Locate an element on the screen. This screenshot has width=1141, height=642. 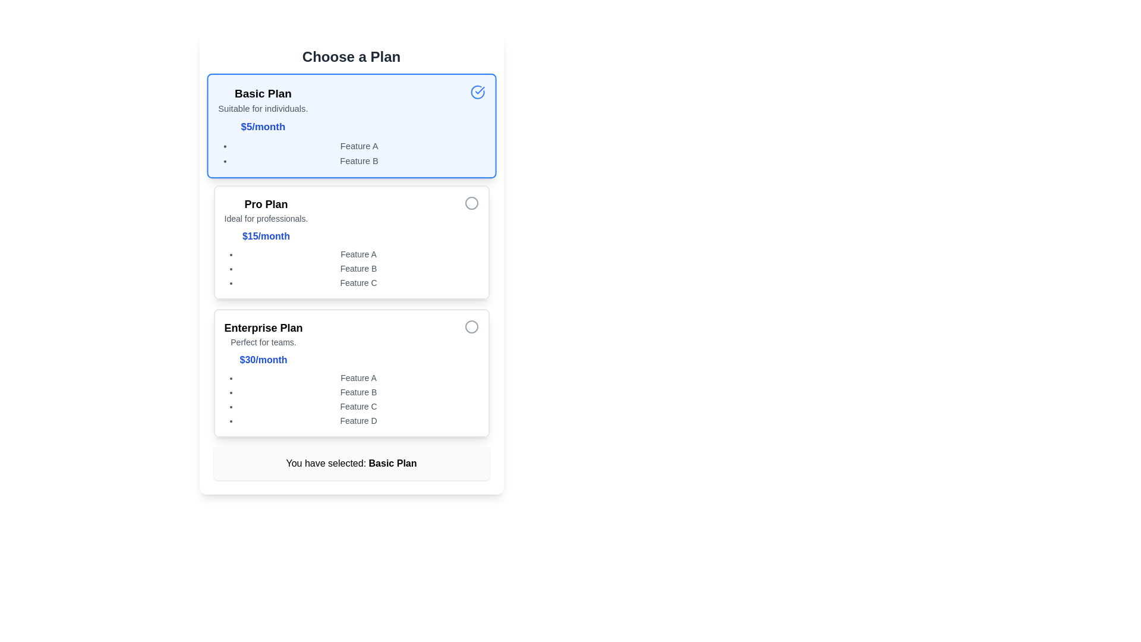
the status of the circular blue icon with a check mark located at the top-right corner of the 'Basic Plan' subscription card is located at coordinates (477, 92).